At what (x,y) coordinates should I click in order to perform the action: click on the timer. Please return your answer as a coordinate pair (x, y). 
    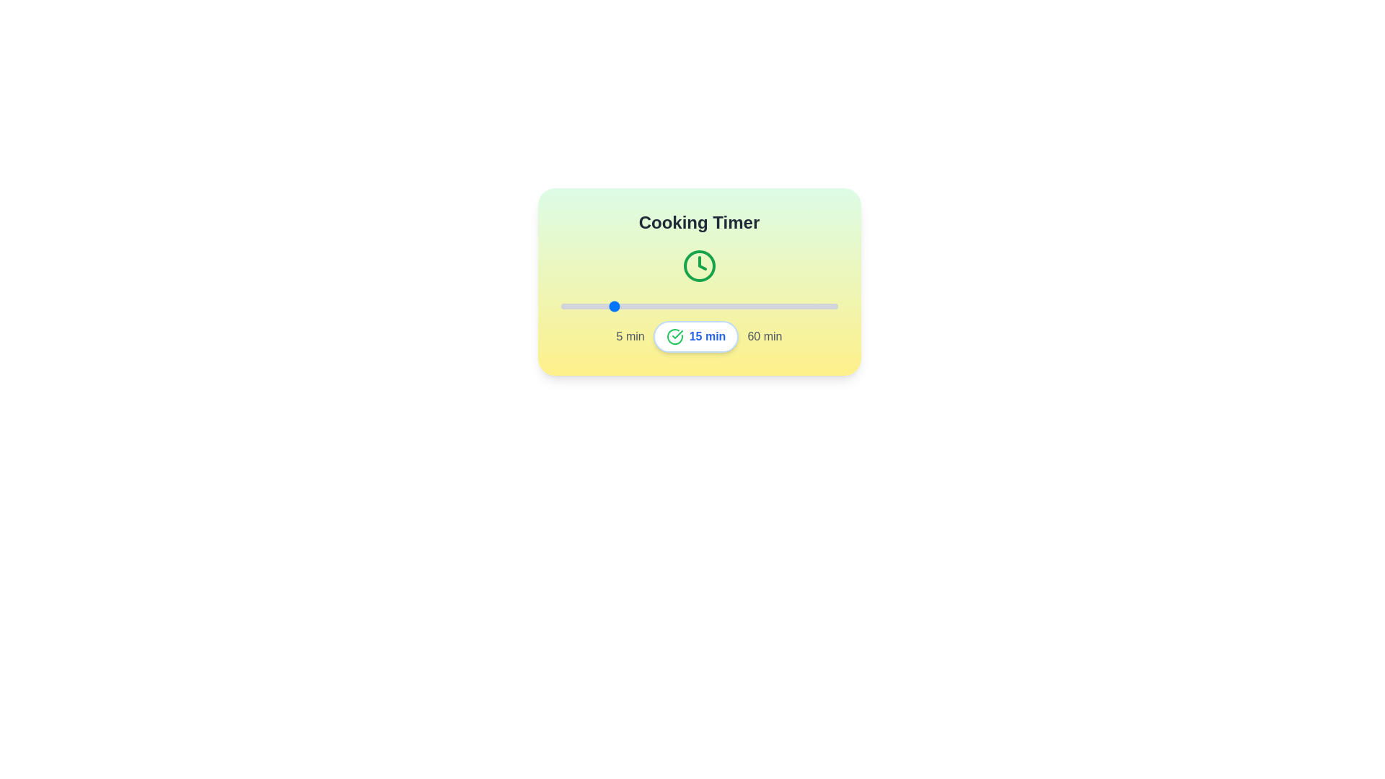
    Looking at the image, I should click on (791, 305).